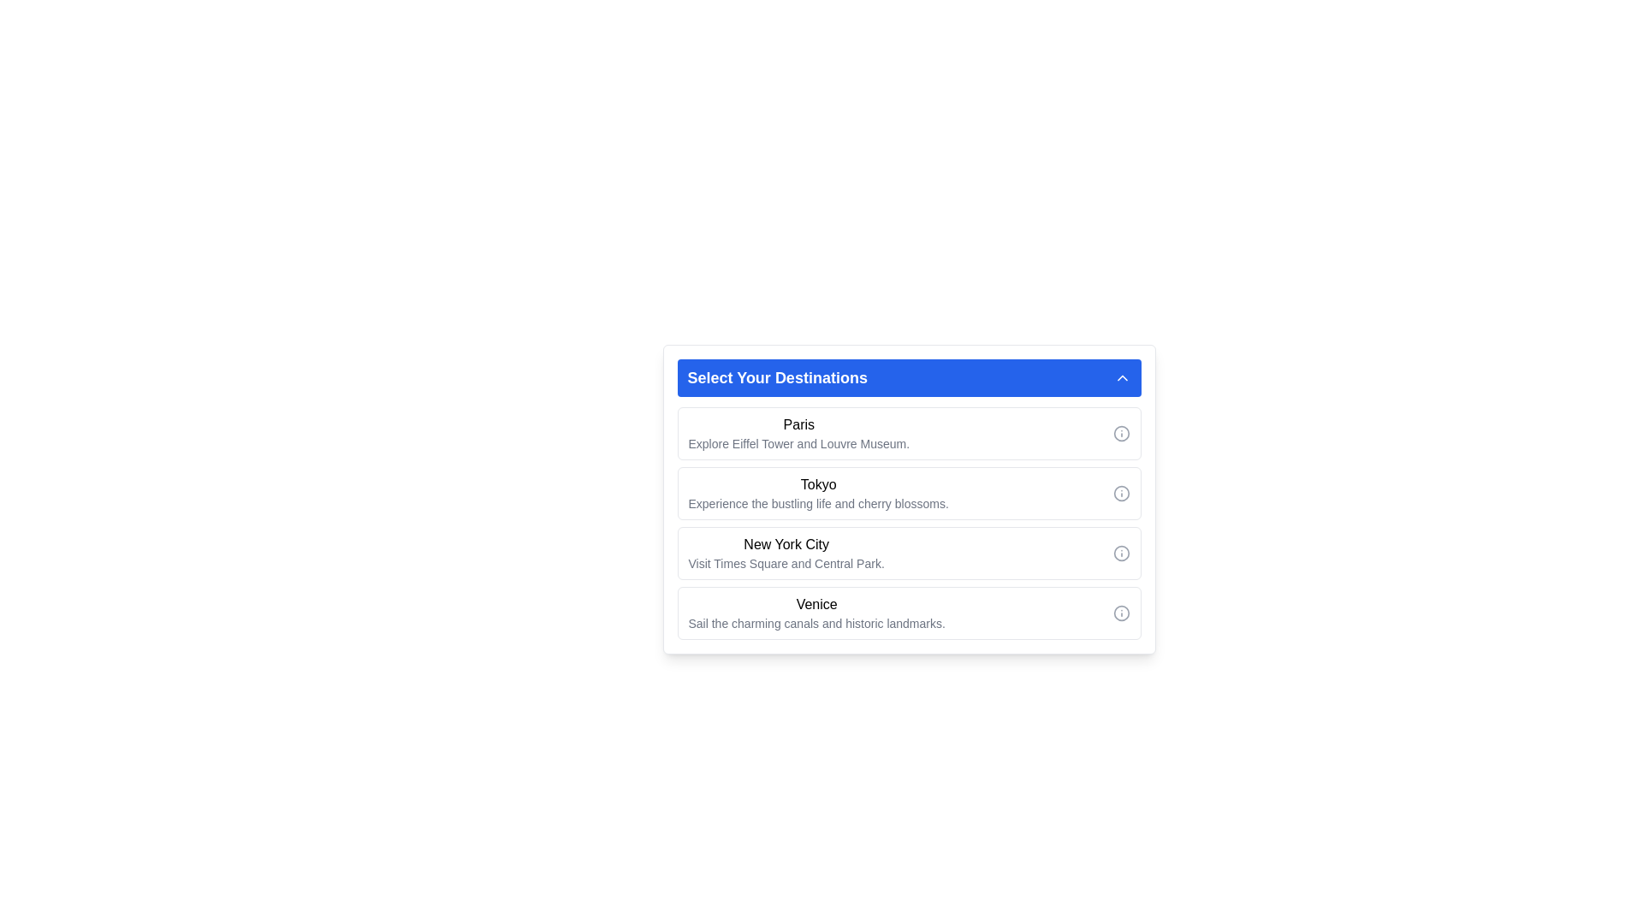 This screenshot has height=924, width=1643. I want to click on the Text block element titled 'Venice' that features a bold font for the title and a description about charming canals and historic landmarks, positioned as the fourth item in the list, so click(816, 613).